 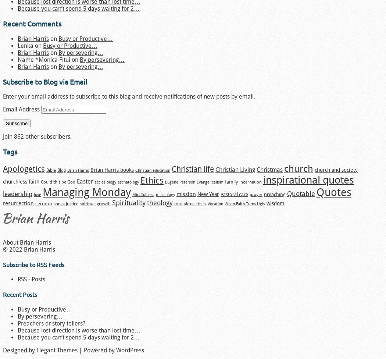 What do you see at coordinates (43, 203) in the screenshot?
I see `'sermon'` at bounding box center [43, 203].